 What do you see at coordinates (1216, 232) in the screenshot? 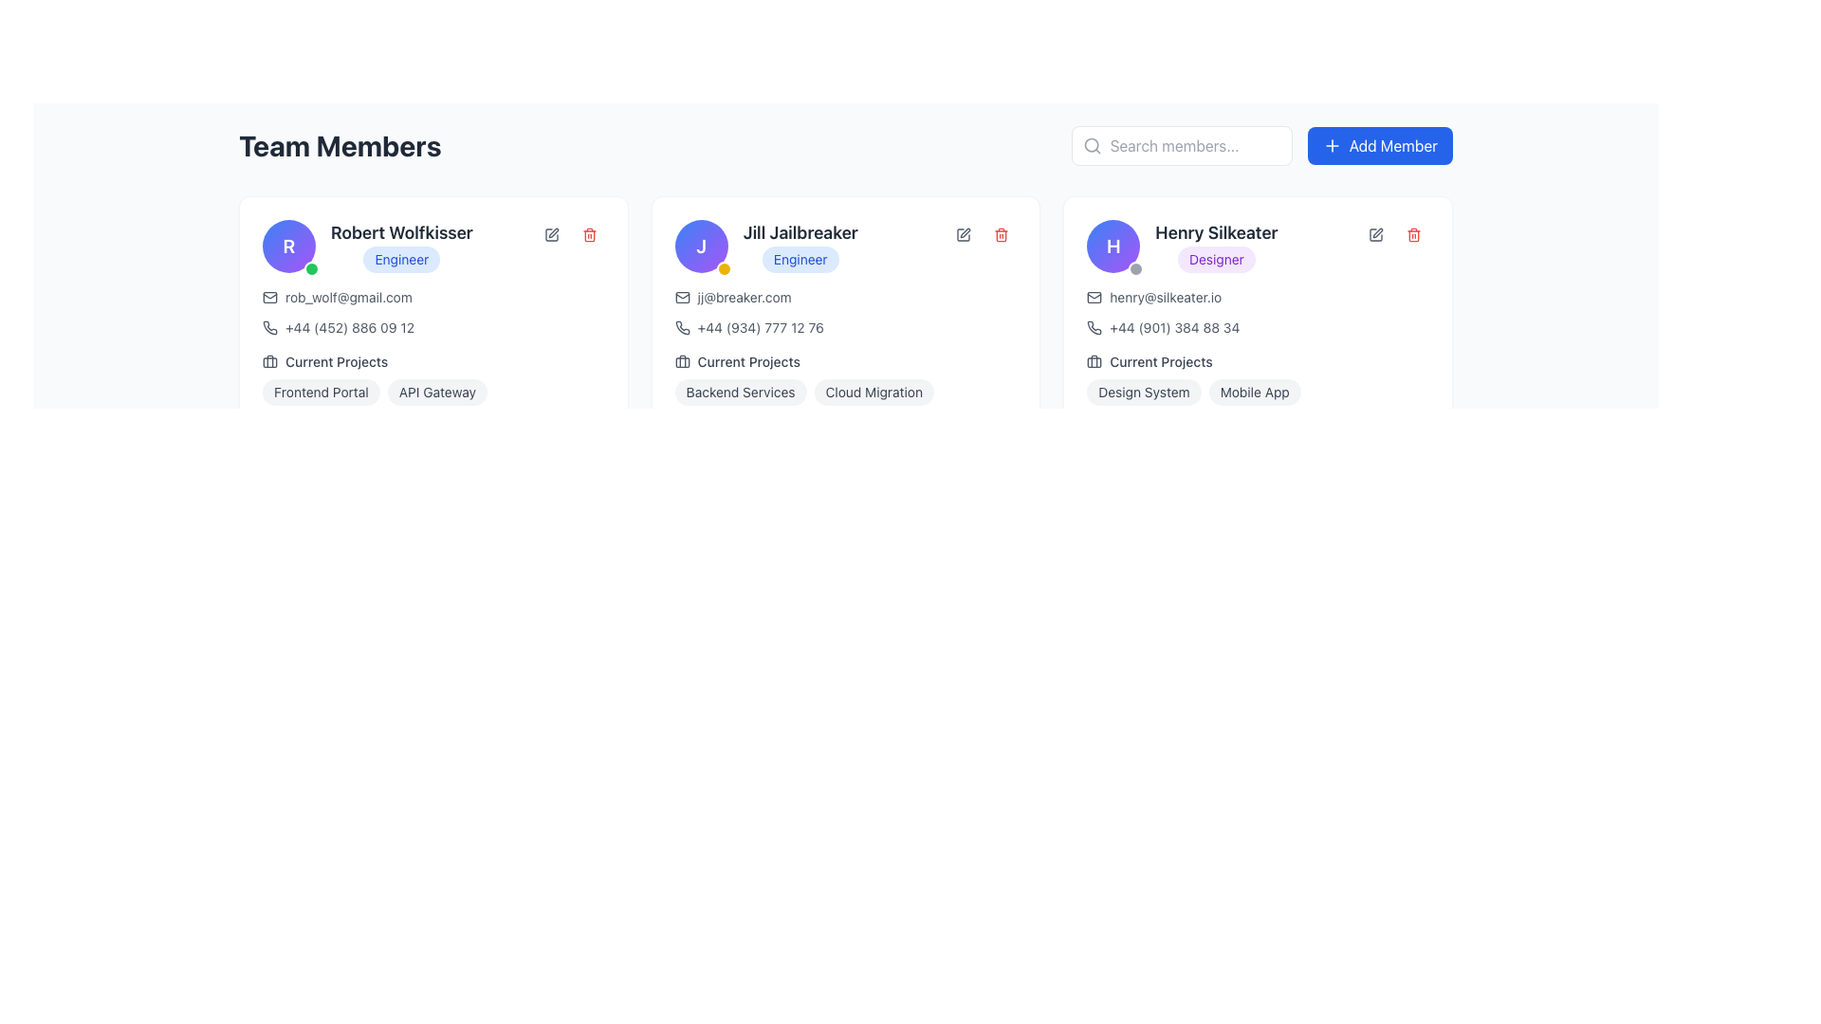
I see `text label identifying the team member as 'Henry Silkeater', located at the center of the third team member card in the upper region of the card` at bounding box center [1216, 232].